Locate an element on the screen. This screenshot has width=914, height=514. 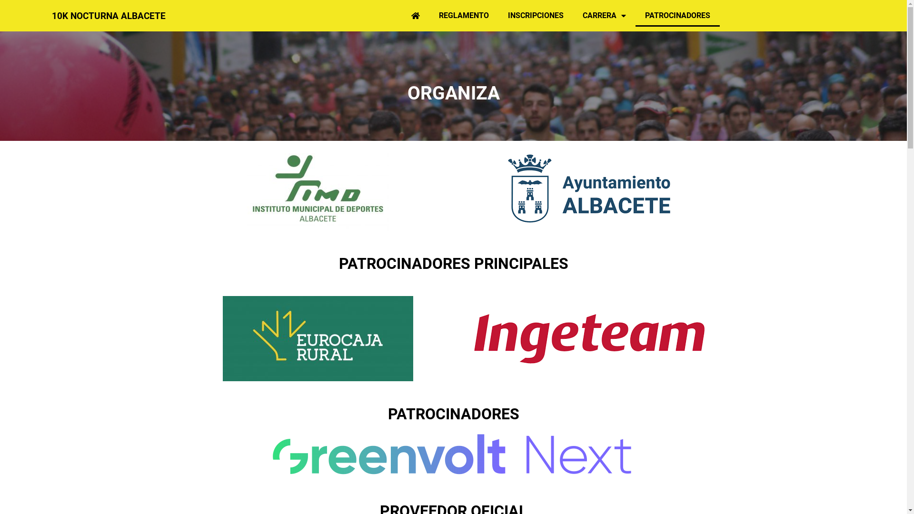
'CARRERA' is located at coordinates (573, 16).